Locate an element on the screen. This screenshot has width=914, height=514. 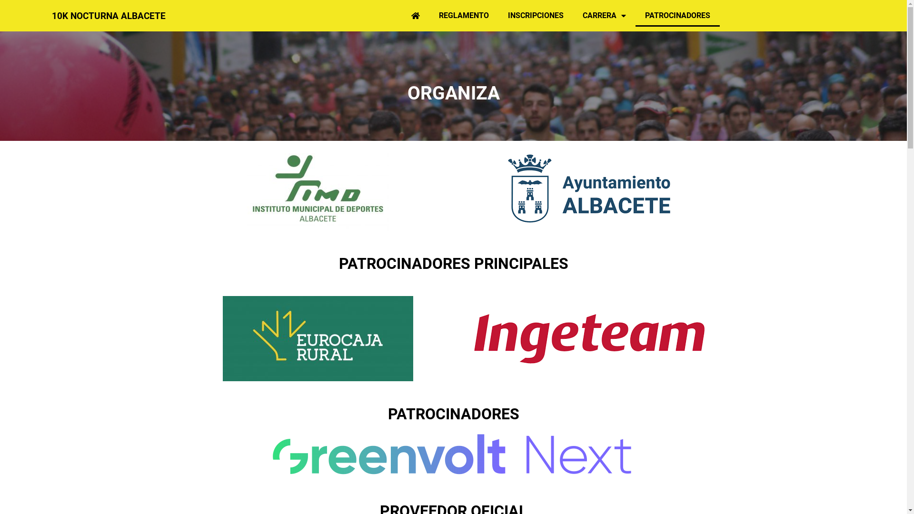
'CARRERA' is located at coordinates (573, 16).